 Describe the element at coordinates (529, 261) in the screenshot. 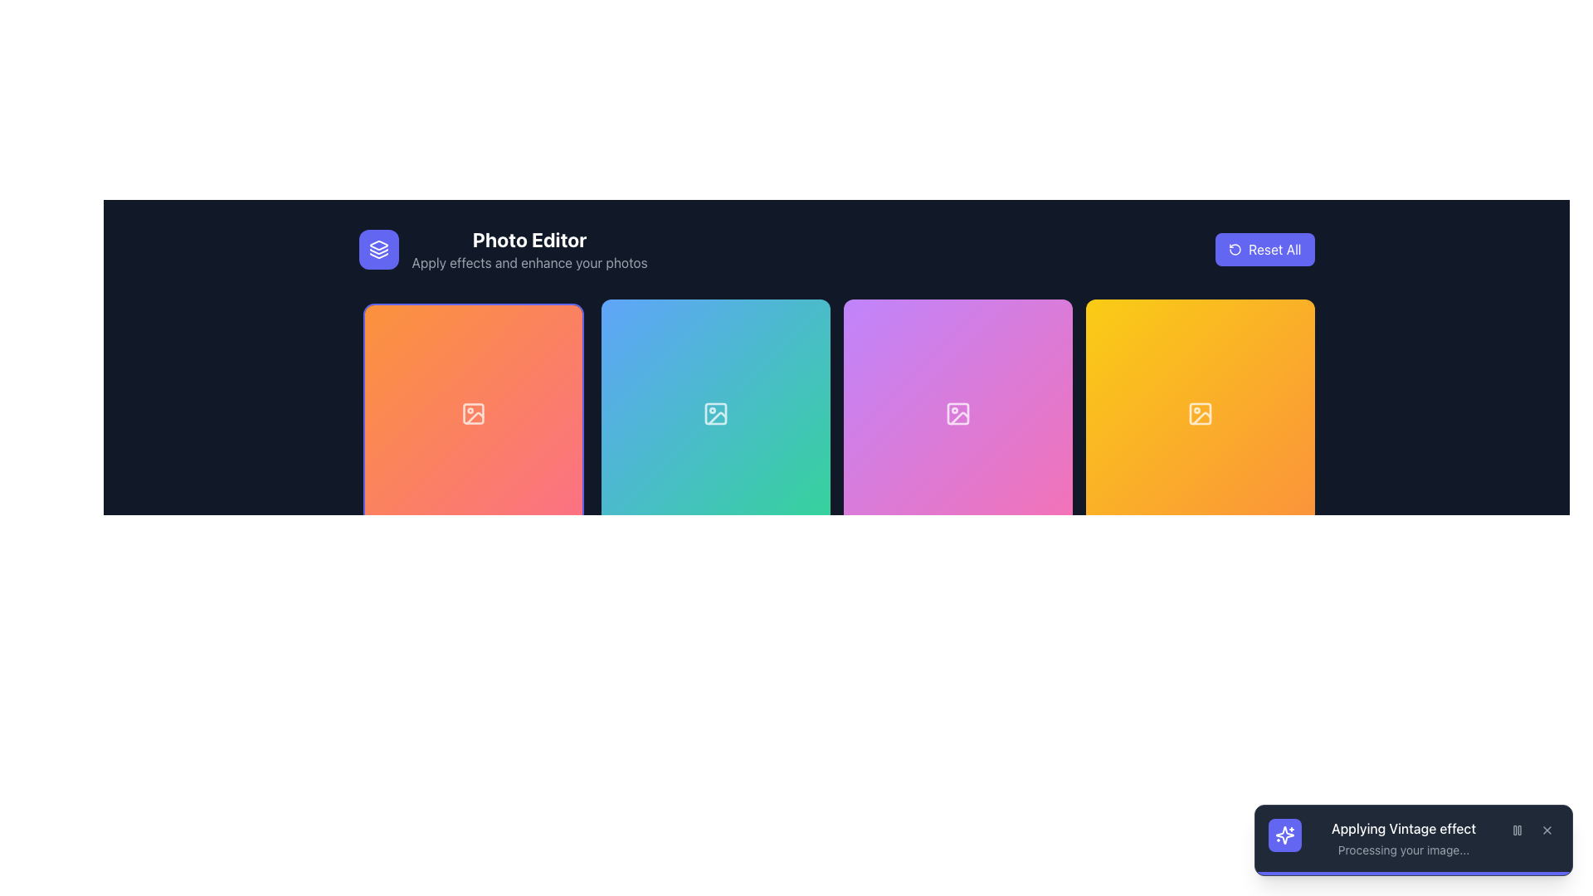

I see `the text label that says 'Apply effects and enhance your photos', which is styled in gray and positioned below the 'Photo Editor' title` at that location.